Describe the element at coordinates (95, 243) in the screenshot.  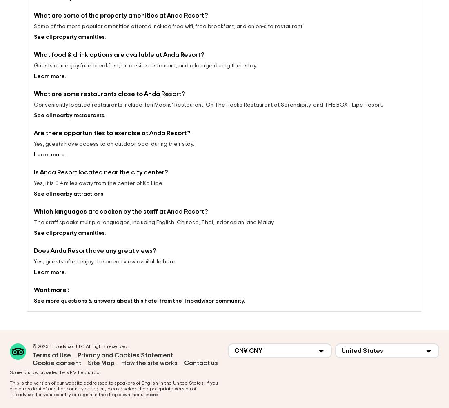
I see `'Does Anda Resort have any great views?'` at that location.